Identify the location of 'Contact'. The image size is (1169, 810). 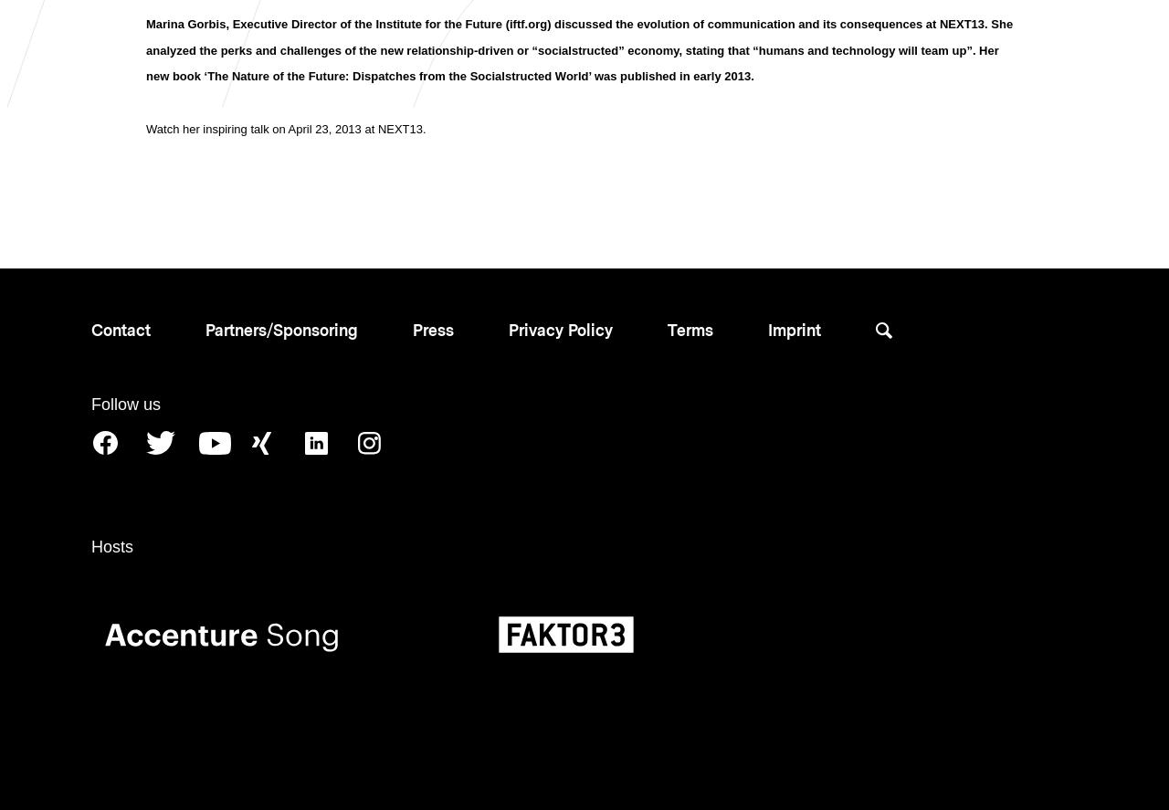
(120, 328).